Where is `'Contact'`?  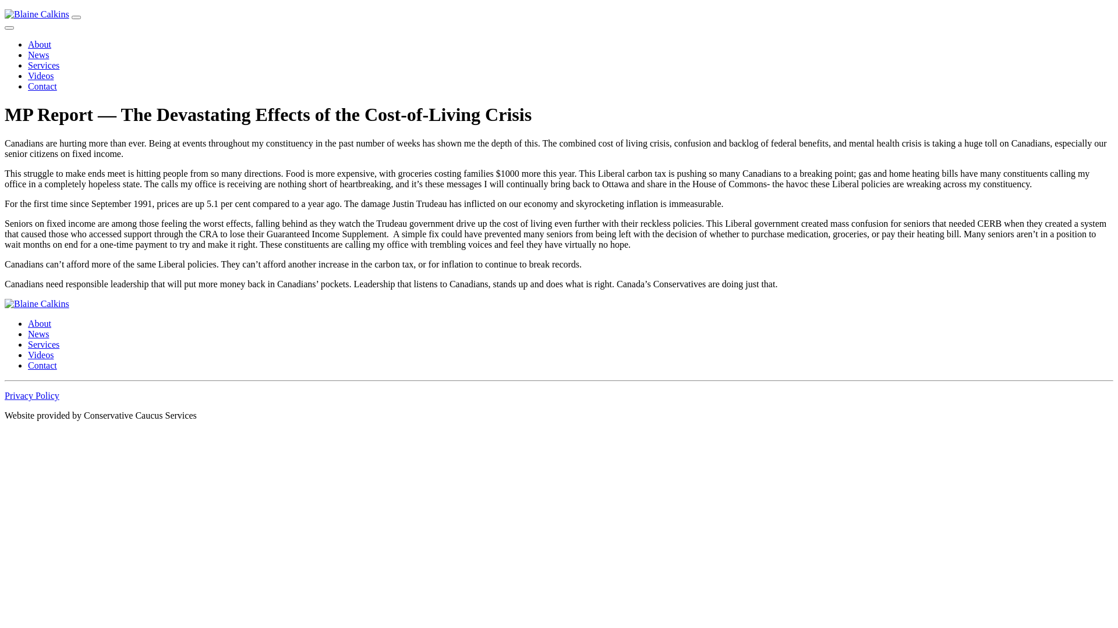
'Contact' is located at coordinates (42, 365).